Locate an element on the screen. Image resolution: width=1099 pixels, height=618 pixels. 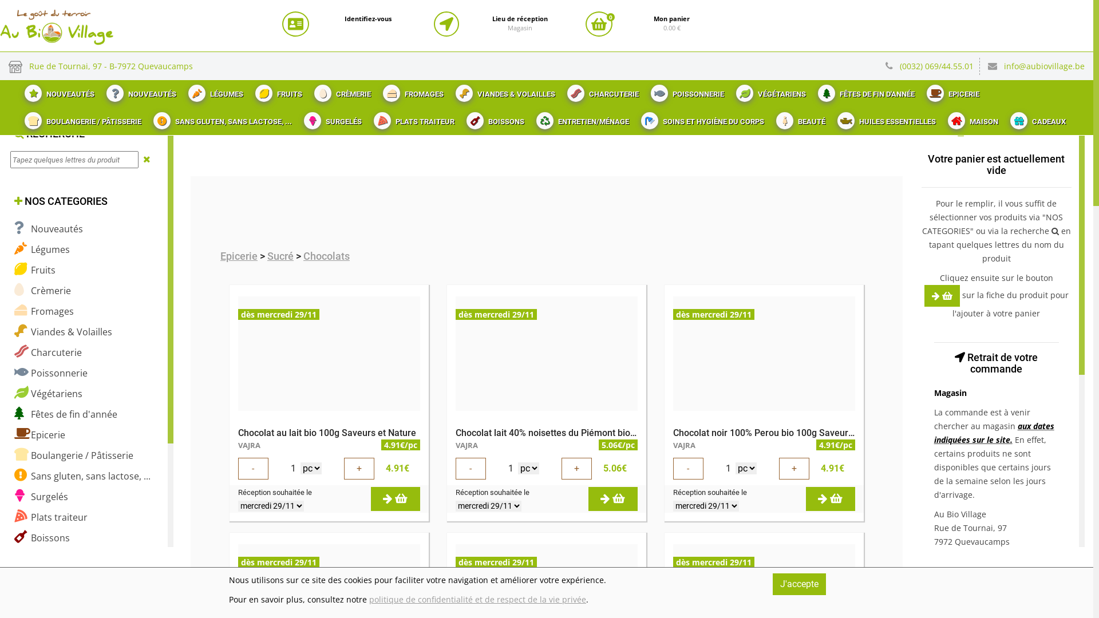
'FROMAGES' is located at coordinates (375, 90).